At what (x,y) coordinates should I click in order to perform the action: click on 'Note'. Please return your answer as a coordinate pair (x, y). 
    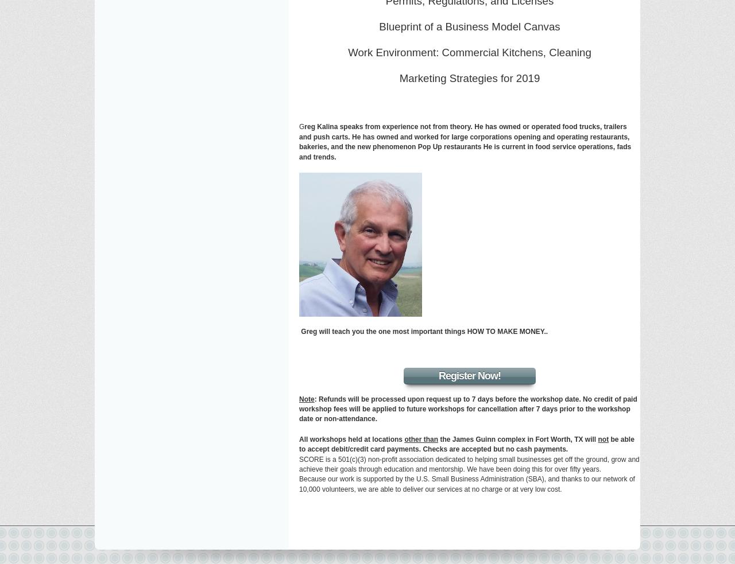
    Looking at the image, I should click on (307, 398).